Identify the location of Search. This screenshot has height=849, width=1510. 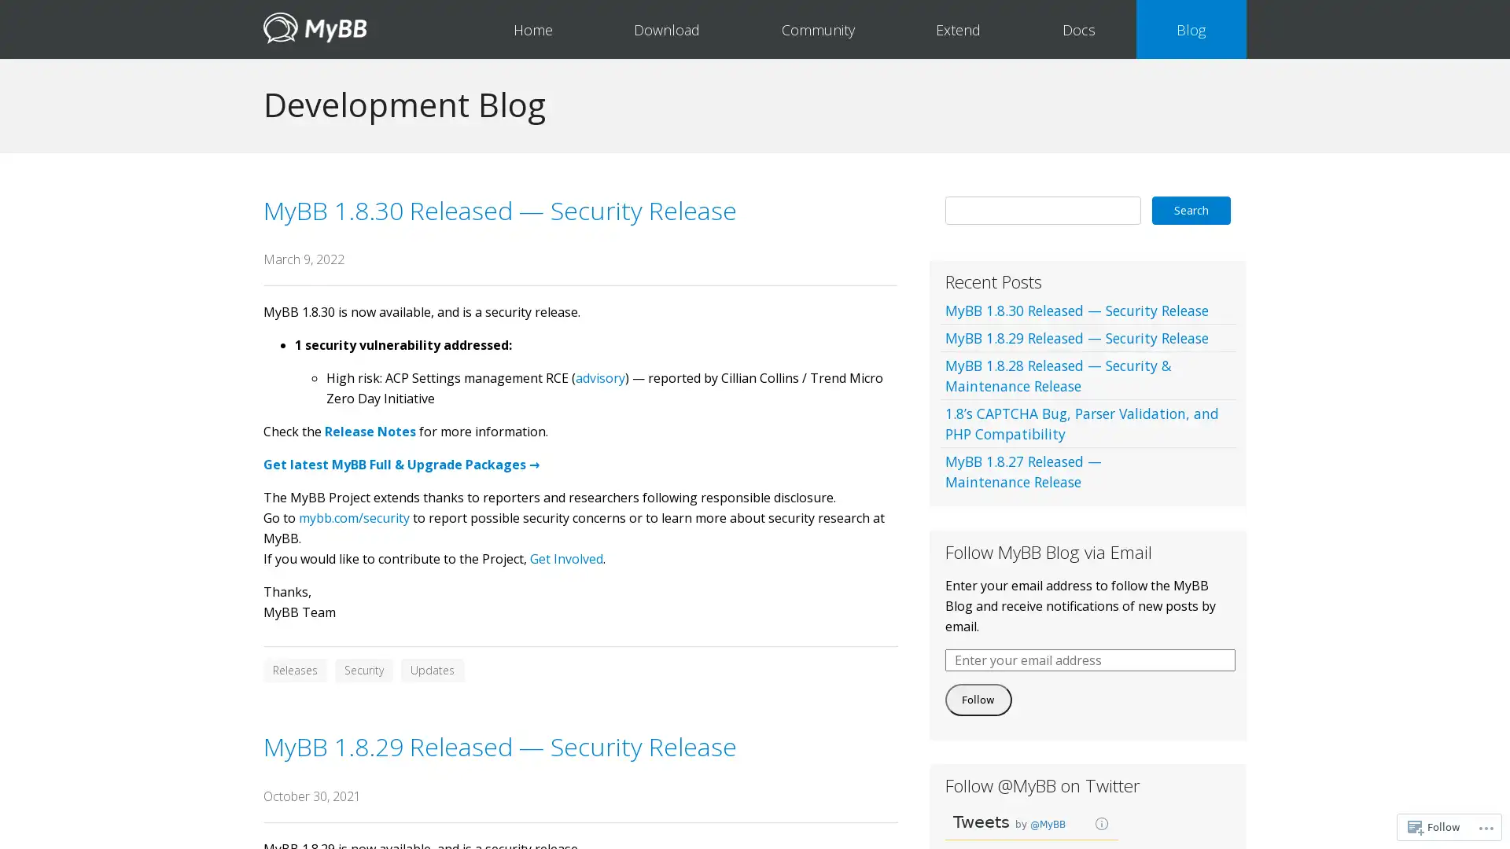
(1191, 209).